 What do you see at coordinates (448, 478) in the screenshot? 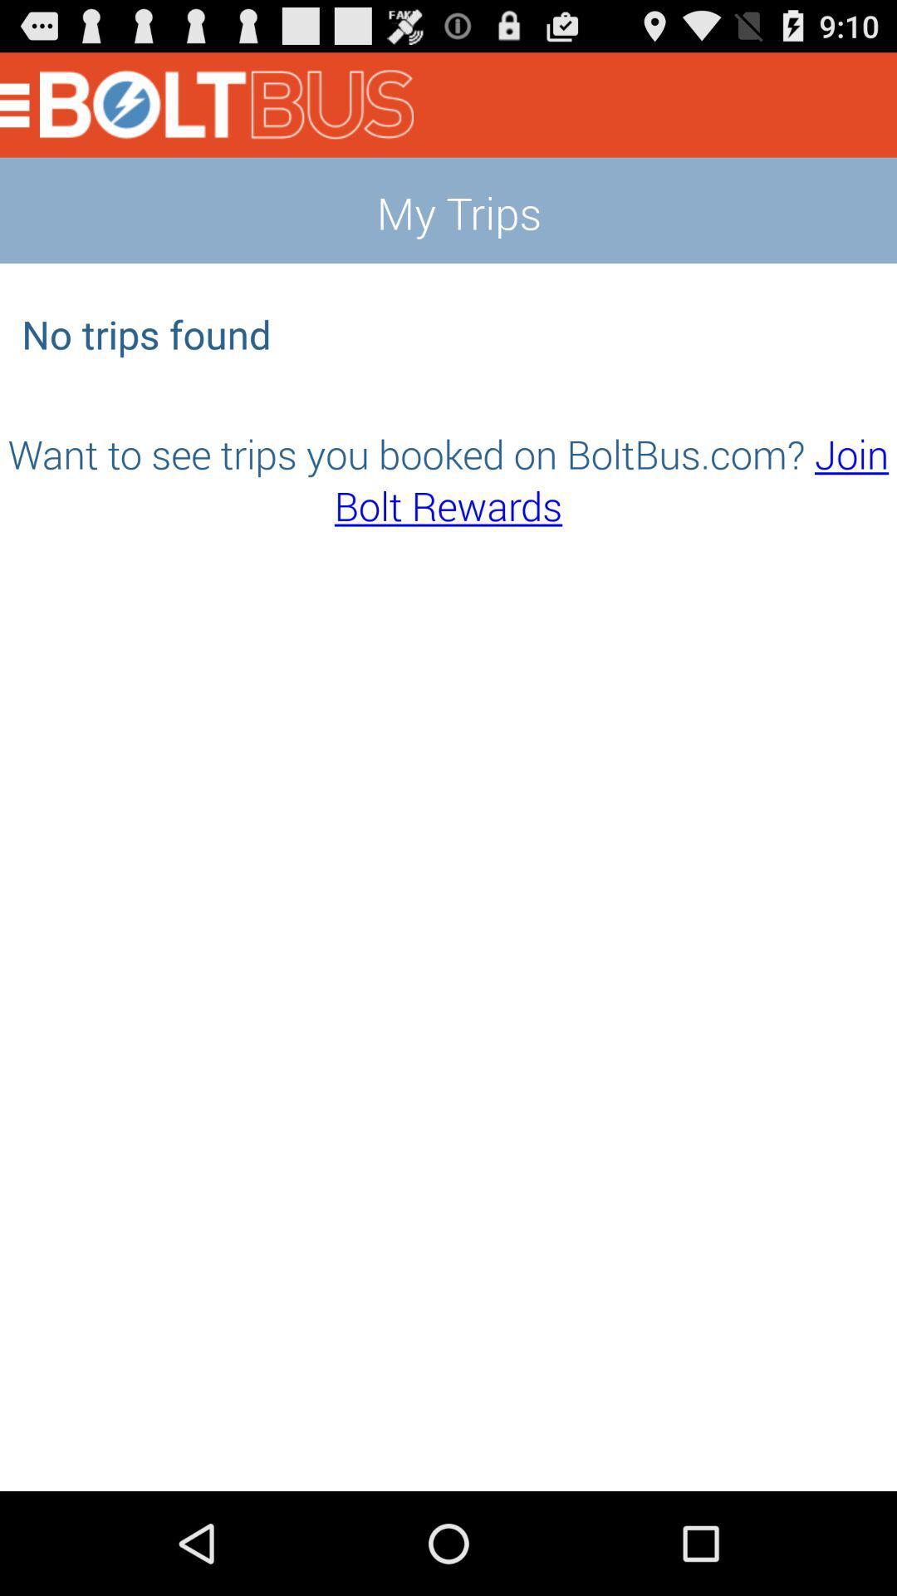
I see `the item below the no trips found app` at bounding box center [448, 478].